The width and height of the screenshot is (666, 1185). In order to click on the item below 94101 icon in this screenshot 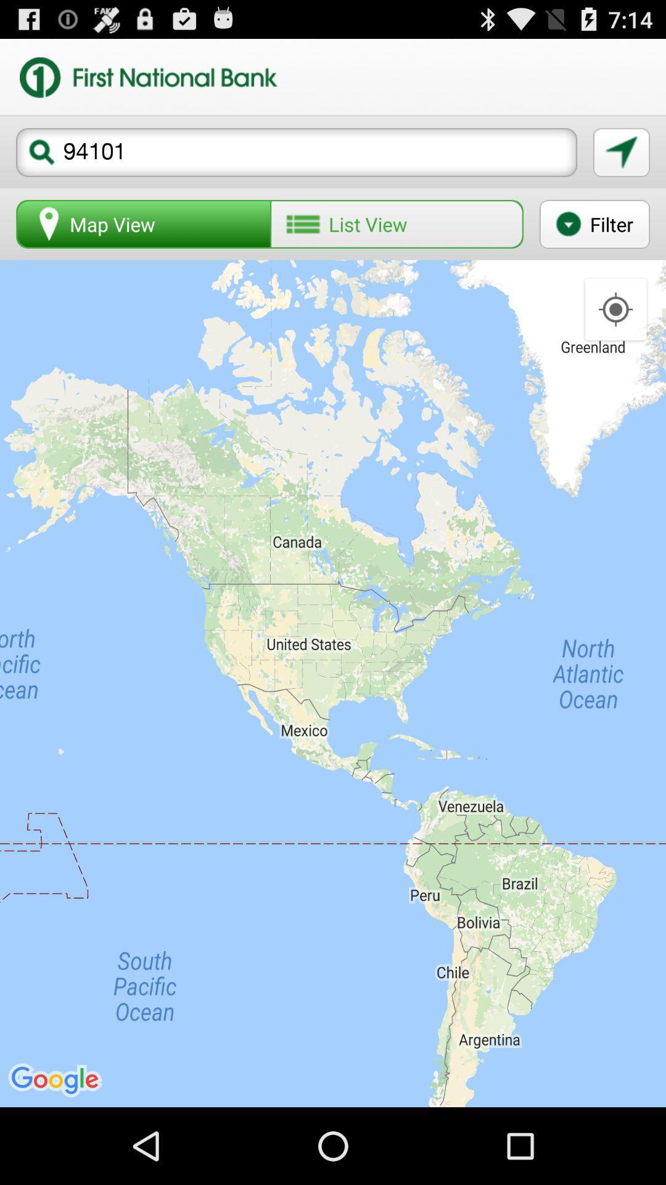, I will do `click(397, 224)`.